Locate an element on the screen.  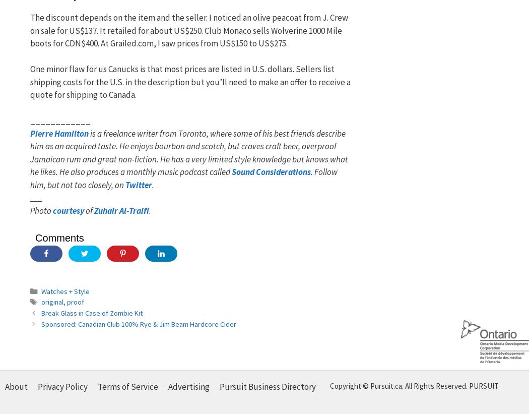
'Pierre Hamilton' is located at coordinates (59, 133).